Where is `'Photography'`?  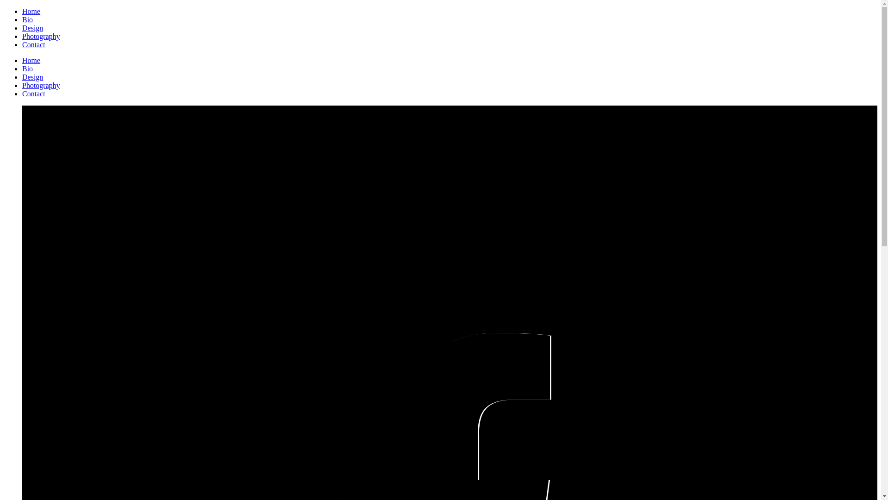 'Photography' is located at coordinates (22, 85).